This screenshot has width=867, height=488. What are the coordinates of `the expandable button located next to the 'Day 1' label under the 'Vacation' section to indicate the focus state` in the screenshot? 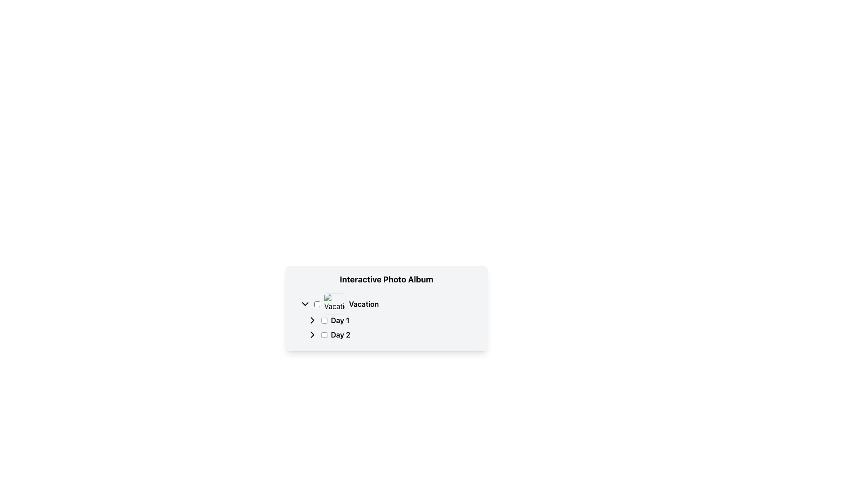 It's located at (312, 320).